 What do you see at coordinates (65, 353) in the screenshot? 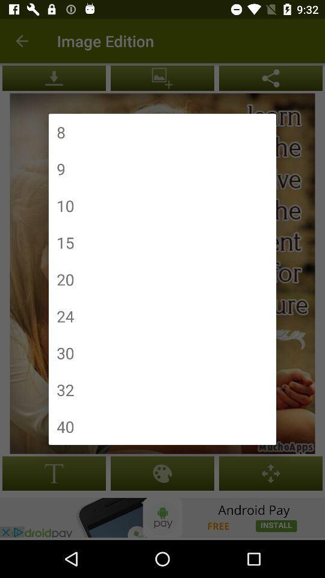
I see `the 30 item` at bounding box center [65, 353].